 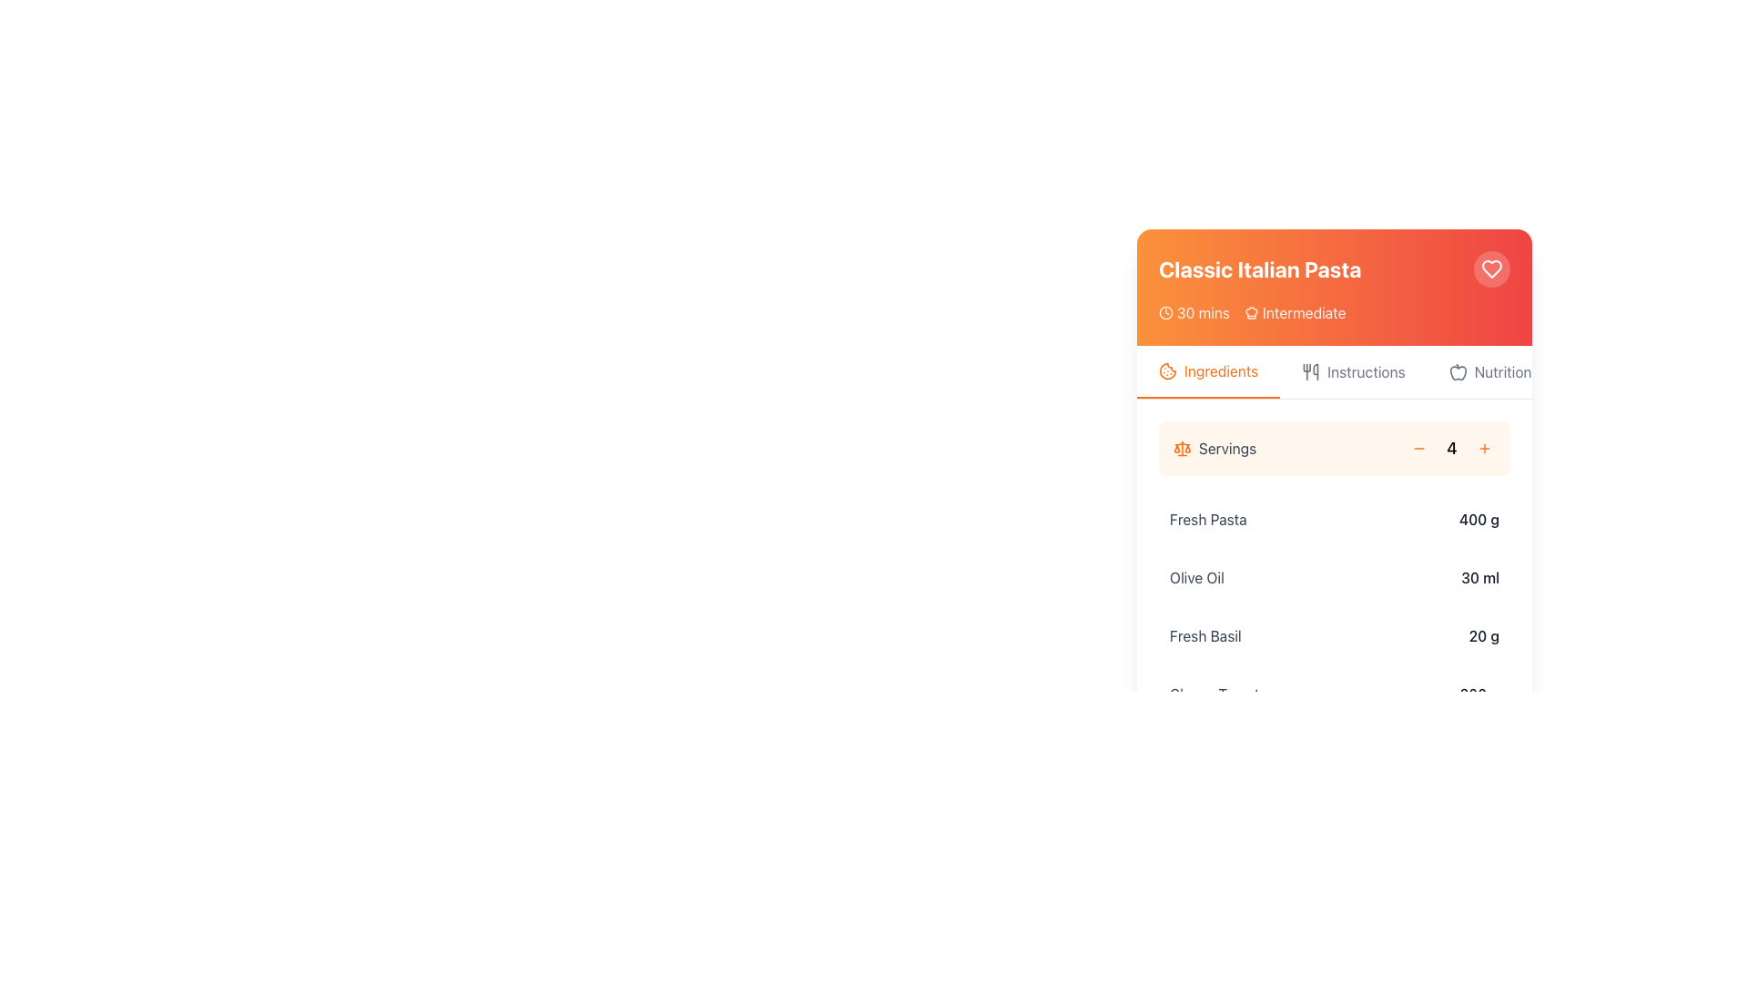 I want to click on the 'Ingredients' navigation tab button located at the top-left of the recipe section, so click(x=1208, y=370).